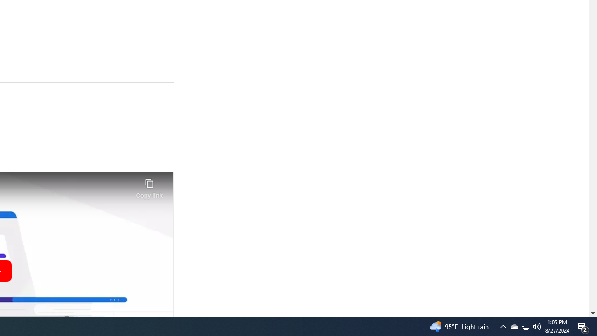 The height and width of the screenshot is (336, 597). I want to click on 'Copy link', so click(149, 186).